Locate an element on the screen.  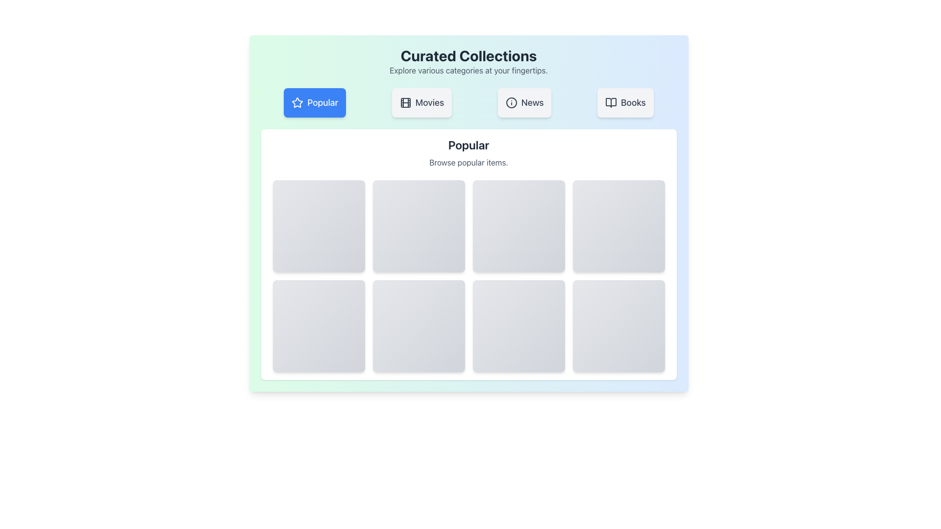
the 'Popular' text label, which is a selectable button indicating the option is located at coordinates (322, 102).